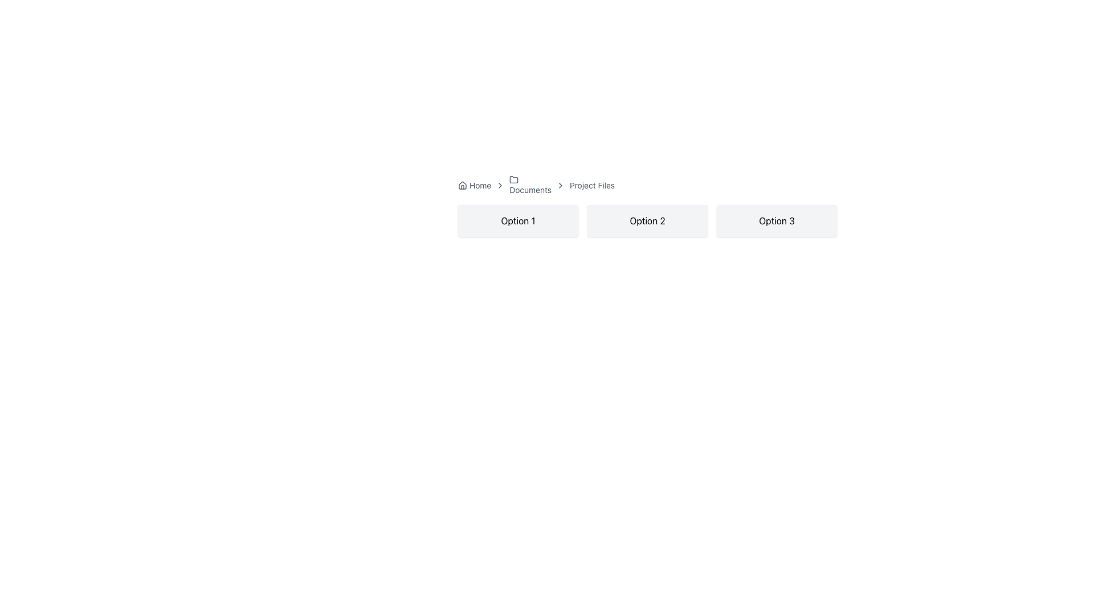  I want to click on any button in the group of three rectangular buttons labeled 'Option 1,' 'Option 2,' and 'Option 3', so click(647, 221).